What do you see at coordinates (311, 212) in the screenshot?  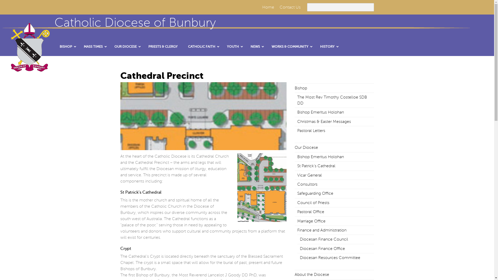 I see `'Pastoral Office'` at bounding box center [311, 212].